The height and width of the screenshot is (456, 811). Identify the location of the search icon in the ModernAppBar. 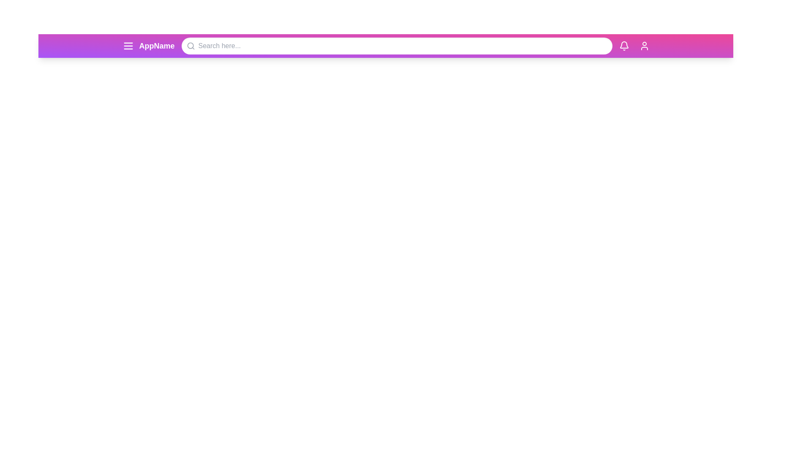
(190, 46).